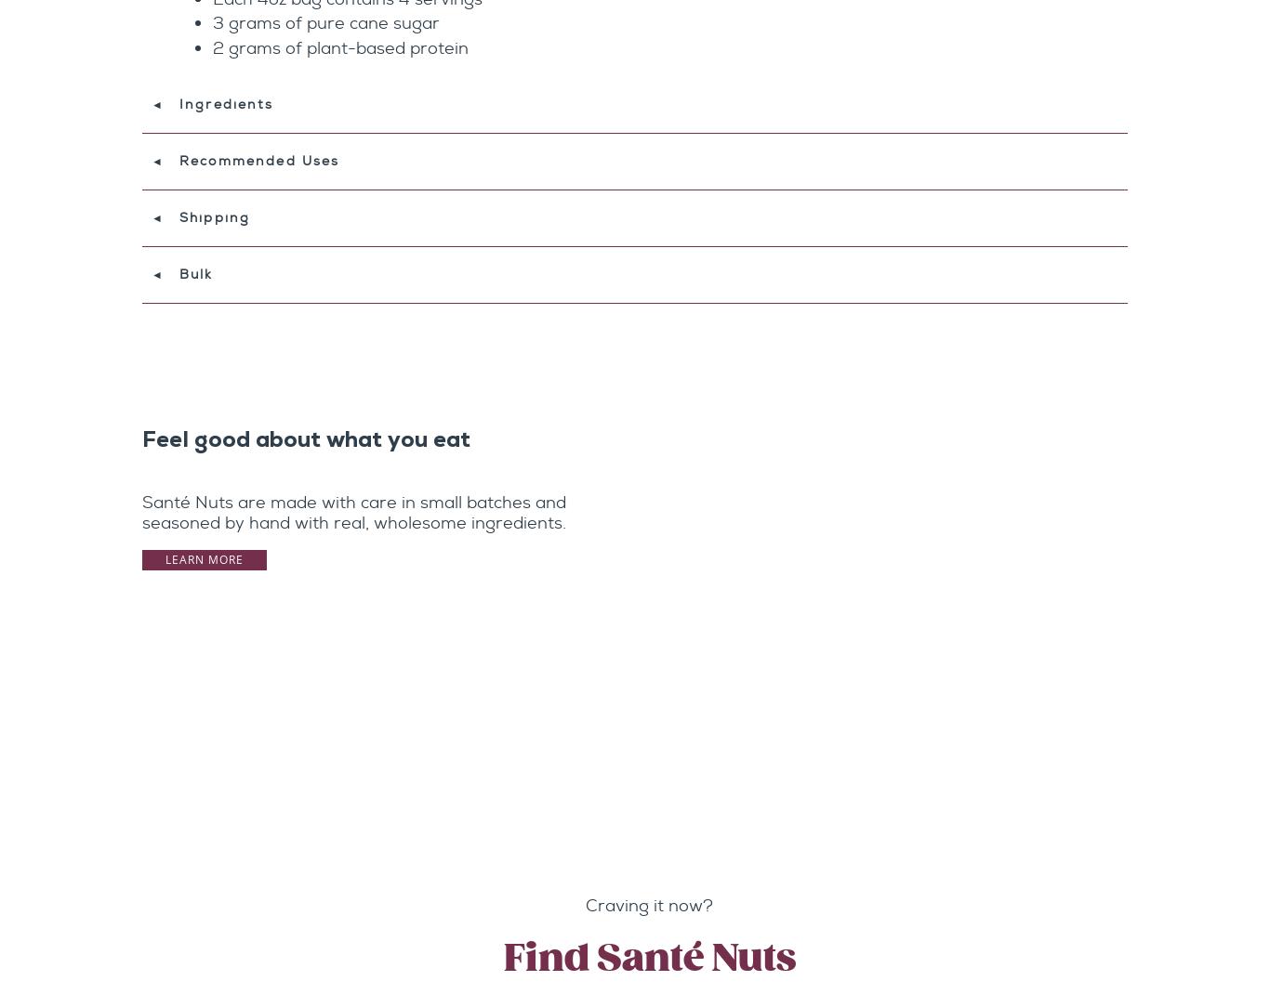  Describe the element at coordinates (325, 22) in the screenshot. I see `'3 grams of pure cane sugar'` at that location.